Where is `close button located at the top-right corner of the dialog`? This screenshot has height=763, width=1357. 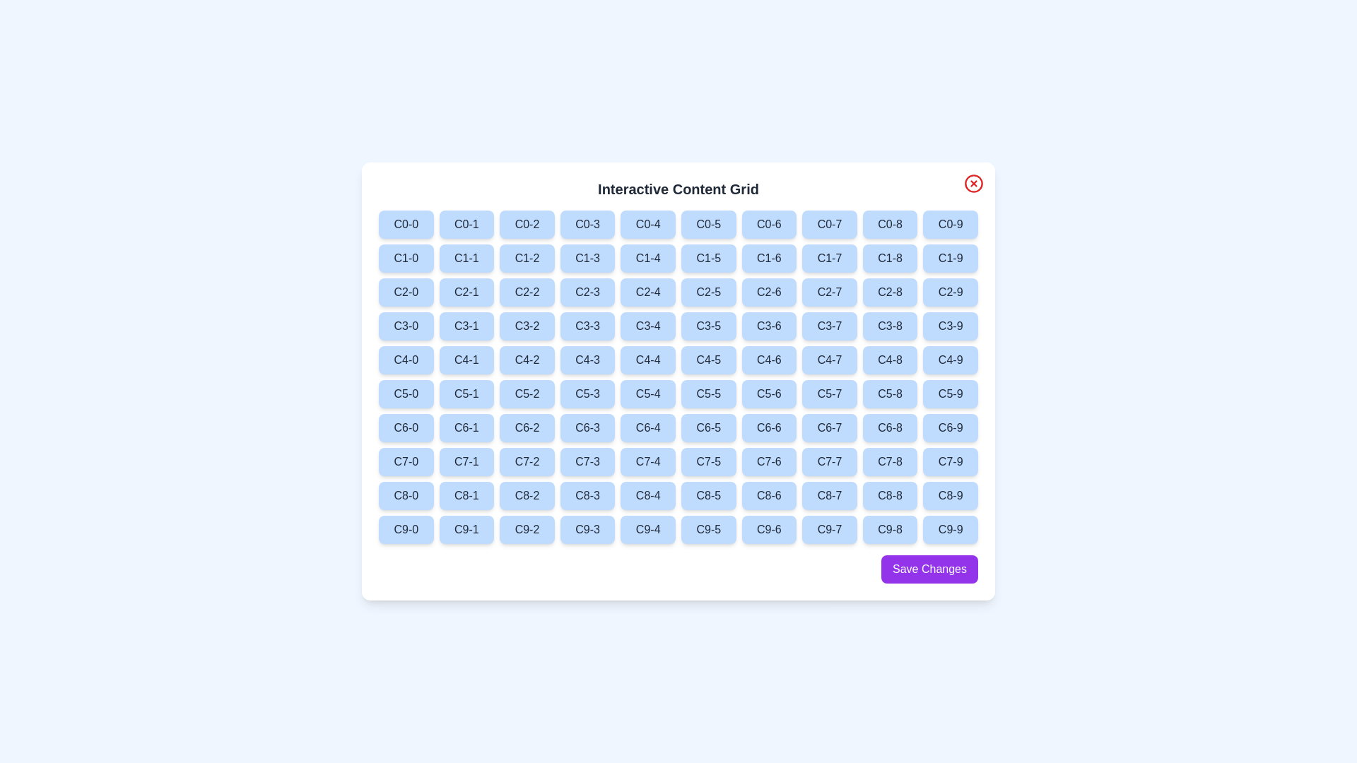 close button located at the top-right corner of the dialog is located at coordinates (973, 182).